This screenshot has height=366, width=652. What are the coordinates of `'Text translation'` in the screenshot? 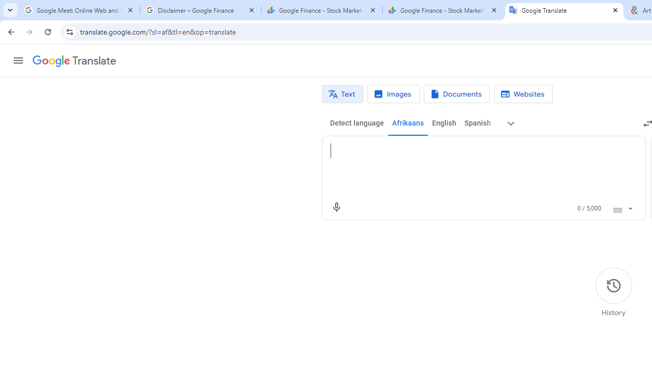 It's located at (342, 94).